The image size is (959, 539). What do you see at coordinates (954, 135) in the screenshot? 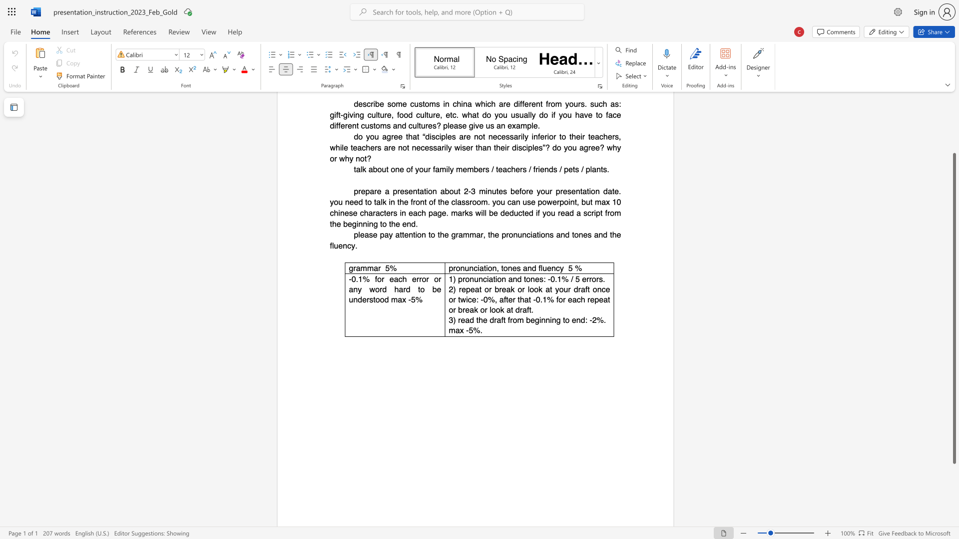
I see `the scrollbar on the right side to scroll the page up` at bounding box center [954, 135].